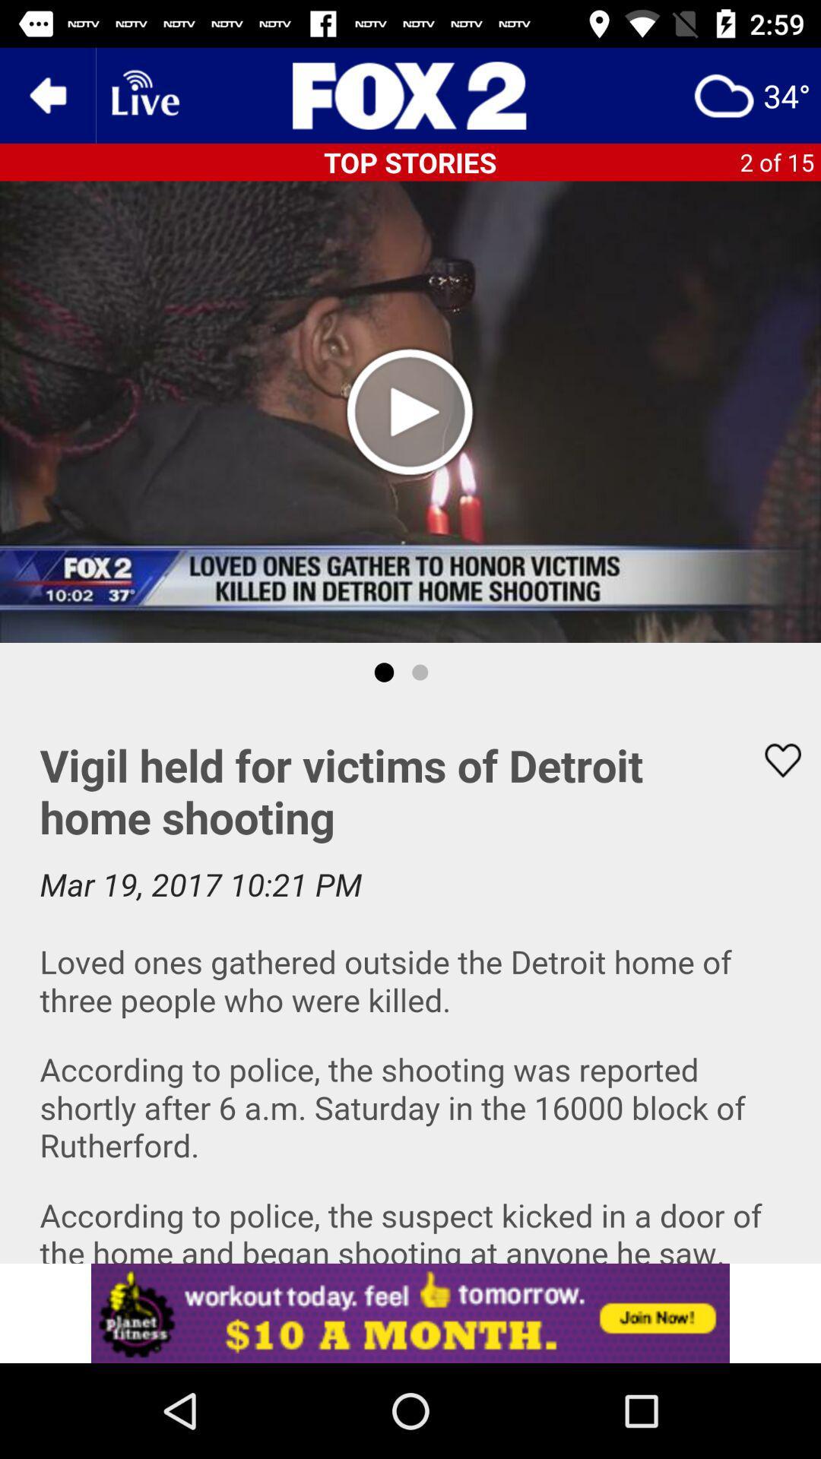  I want to click on the favorite icon, so click(773, 760).